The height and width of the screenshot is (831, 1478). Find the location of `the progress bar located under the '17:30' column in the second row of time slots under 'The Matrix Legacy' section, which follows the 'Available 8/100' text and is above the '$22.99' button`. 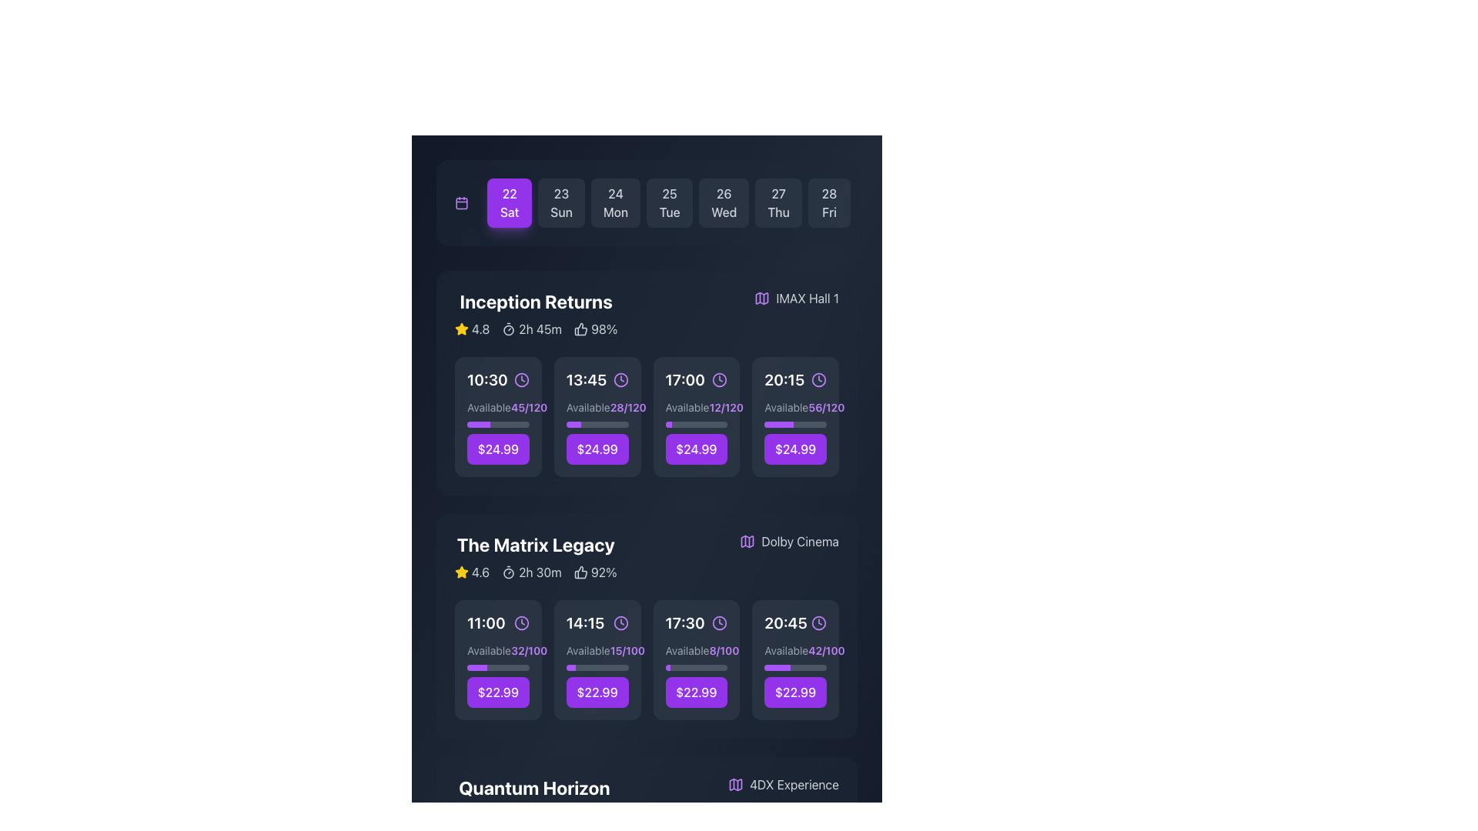

the progress bar located under the '17:30' column in the second row of time slots under 'The Matrix Legacy' section, which follows the 'Available 8/100' text and is above the '$22.99' button is located at coordinates (695, 666).